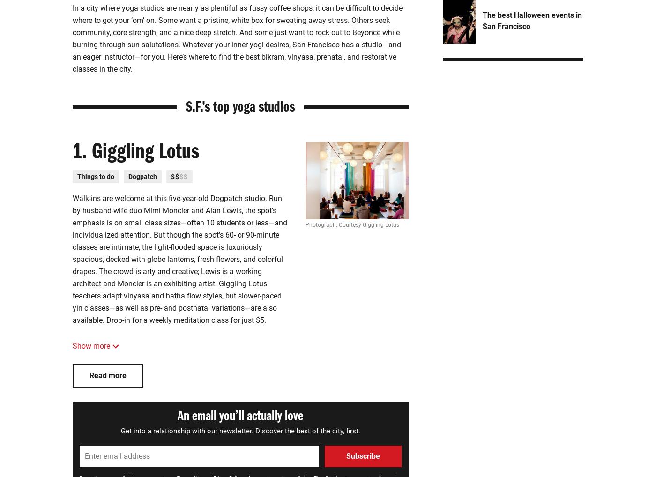 The width and height of the screenshot is (656, 477). Describe the element at coordinates (237, 38) in the screenshot. I see `'In a city where yoga studios are nearly as plentiful as fussy coffee shops, it can be difficult to decide where to get your ‘om’ on. Some want a pristine, white box for sweating away stress. Others seek community, core strength, and a nice deep stretch. And some just want to rock out to Beyonce while burning through sun salutations. Whatever your inner yogi desires, San Francisco has a studio—and an eager instructor—for you. Here’s where to find the best bikram, vinyasa, prenatal, and restorative classes in the city.'` at that location.